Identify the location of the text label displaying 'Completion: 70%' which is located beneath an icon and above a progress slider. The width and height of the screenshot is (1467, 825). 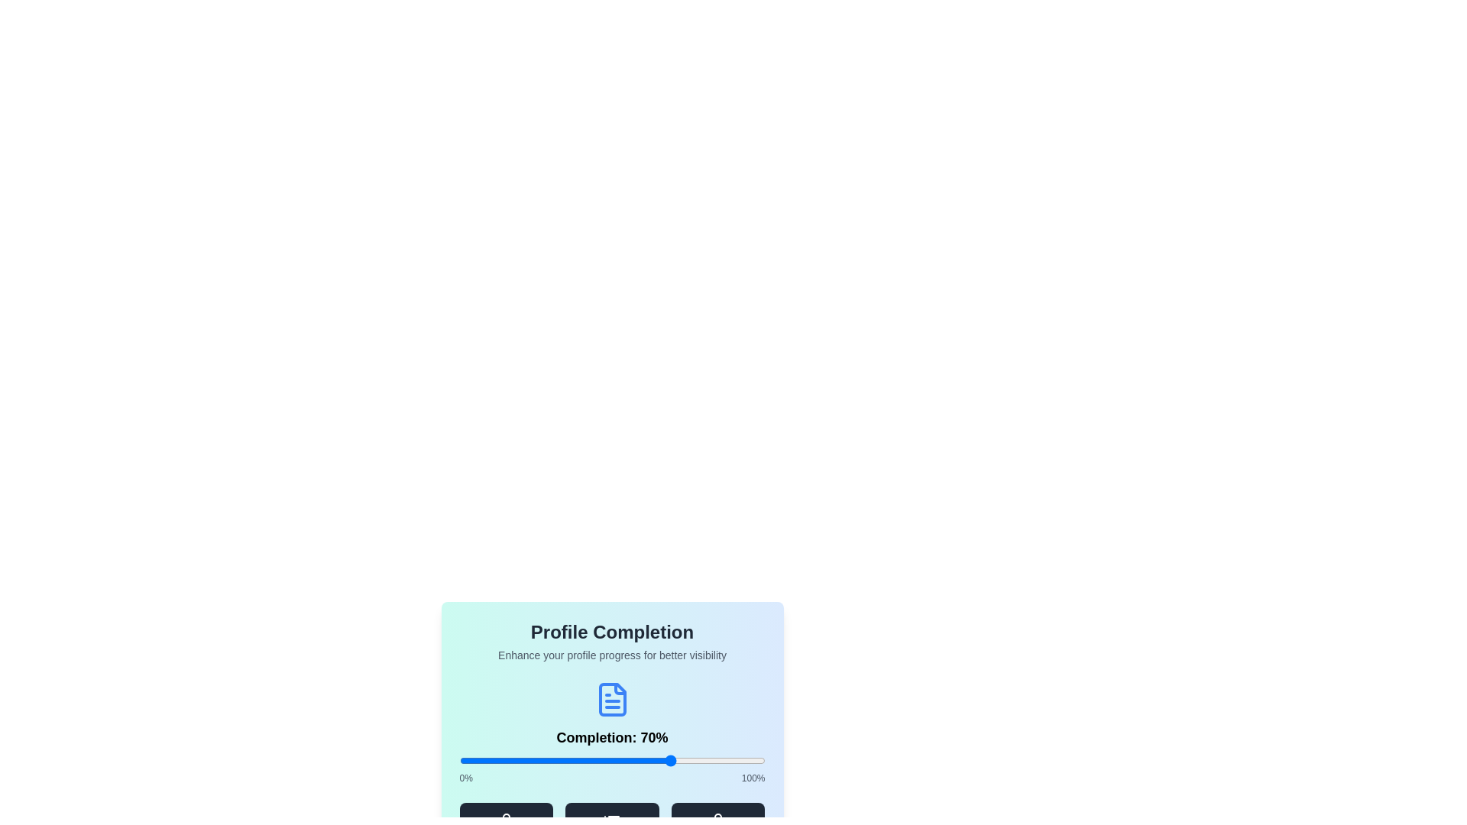
(612, 736).